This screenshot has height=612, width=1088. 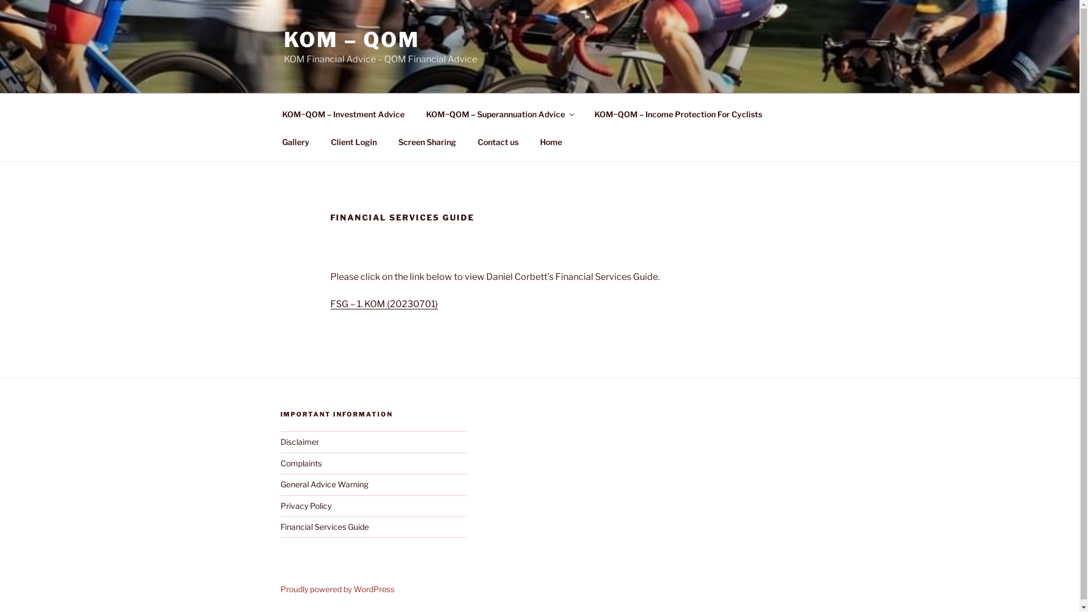 I want to click on 'General Advice Warning', so click(x=323, y=484).